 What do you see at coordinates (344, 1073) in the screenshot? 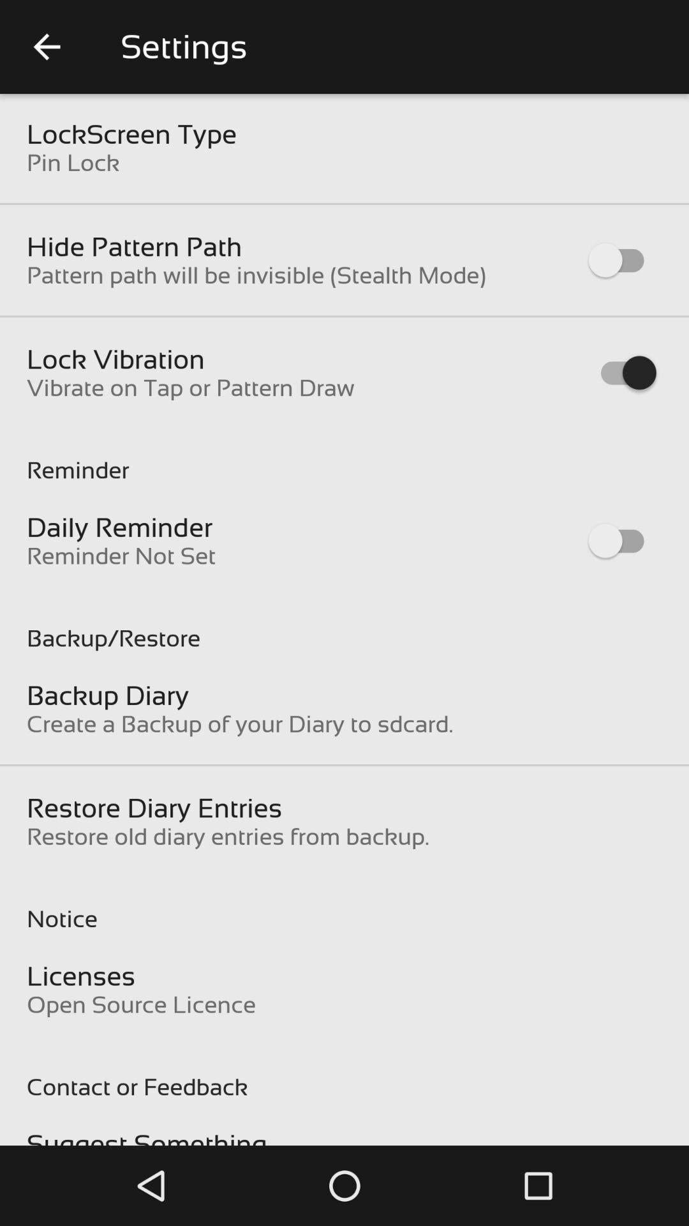
I see `the item above suggest something item` at bounding box center [344, 1073].